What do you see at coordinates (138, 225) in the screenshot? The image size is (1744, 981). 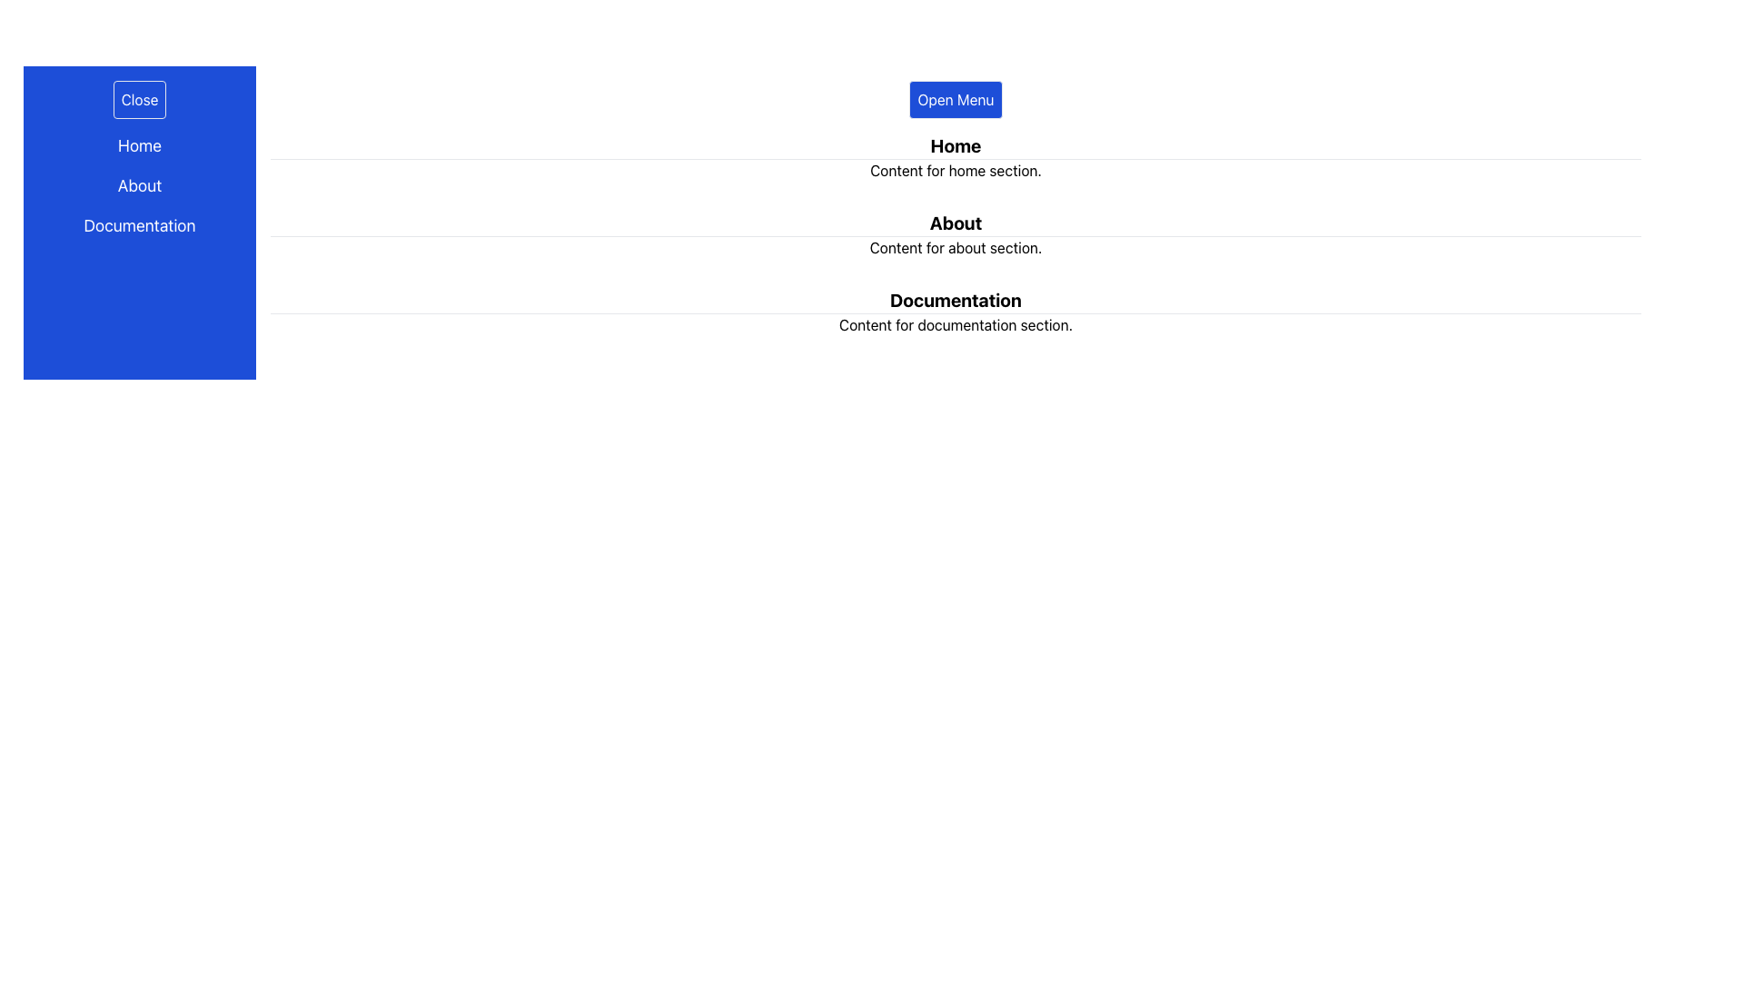 I see `the 'Documentation' text label located in the vertical navigation menu, which is the third item following 'Home' and 'About', with a blue background and white text` at bounding box center [138, 225].